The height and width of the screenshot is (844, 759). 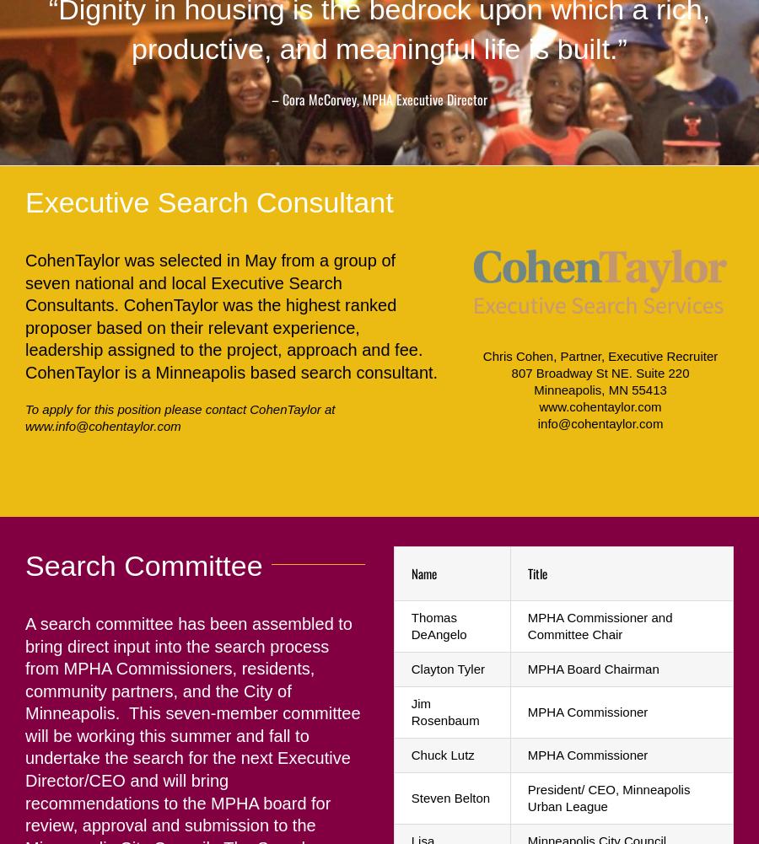 What do you see at coordinates (143, 563) in the screenshot?
I see `'Search Committee'` at bounding box center [143, 563].